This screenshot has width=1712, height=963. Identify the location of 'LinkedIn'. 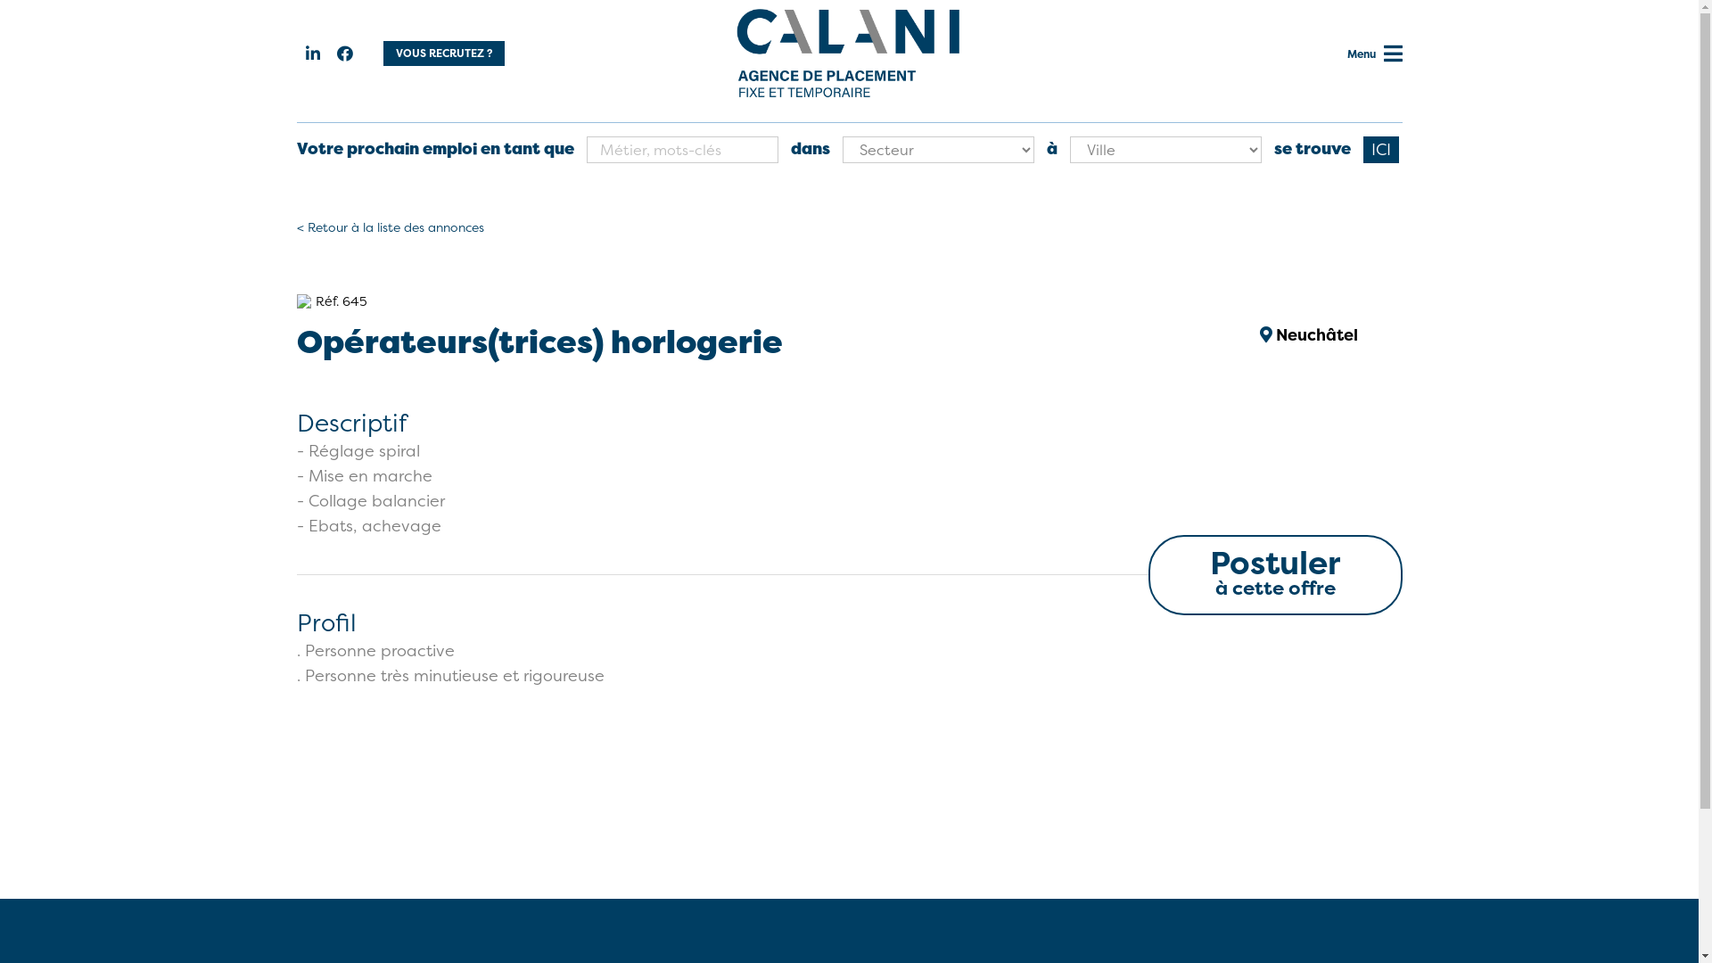
(312, 53).